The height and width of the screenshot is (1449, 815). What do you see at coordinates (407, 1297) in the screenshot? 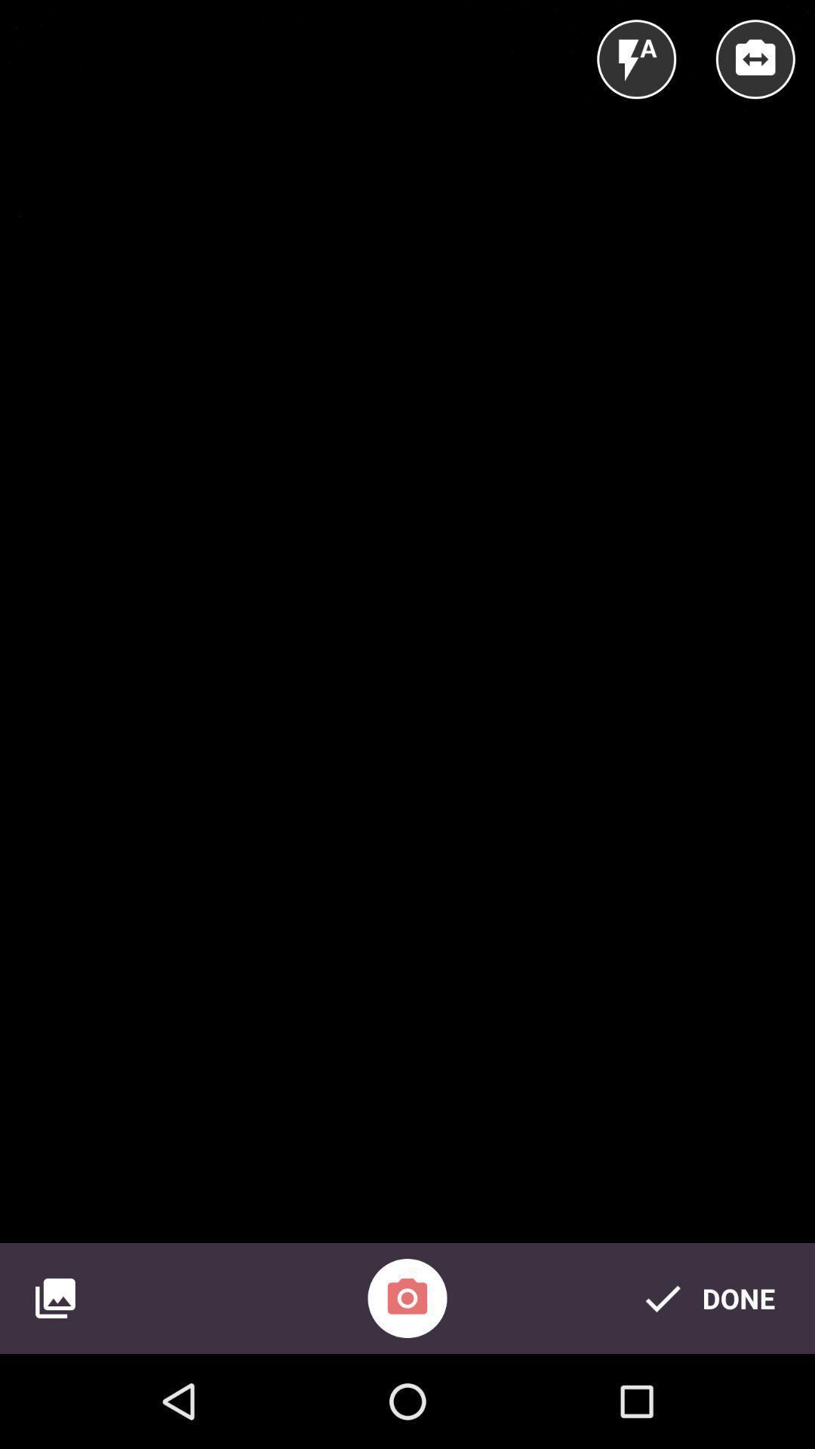
I see `the photo icon` at bounding box center [407, 1297].